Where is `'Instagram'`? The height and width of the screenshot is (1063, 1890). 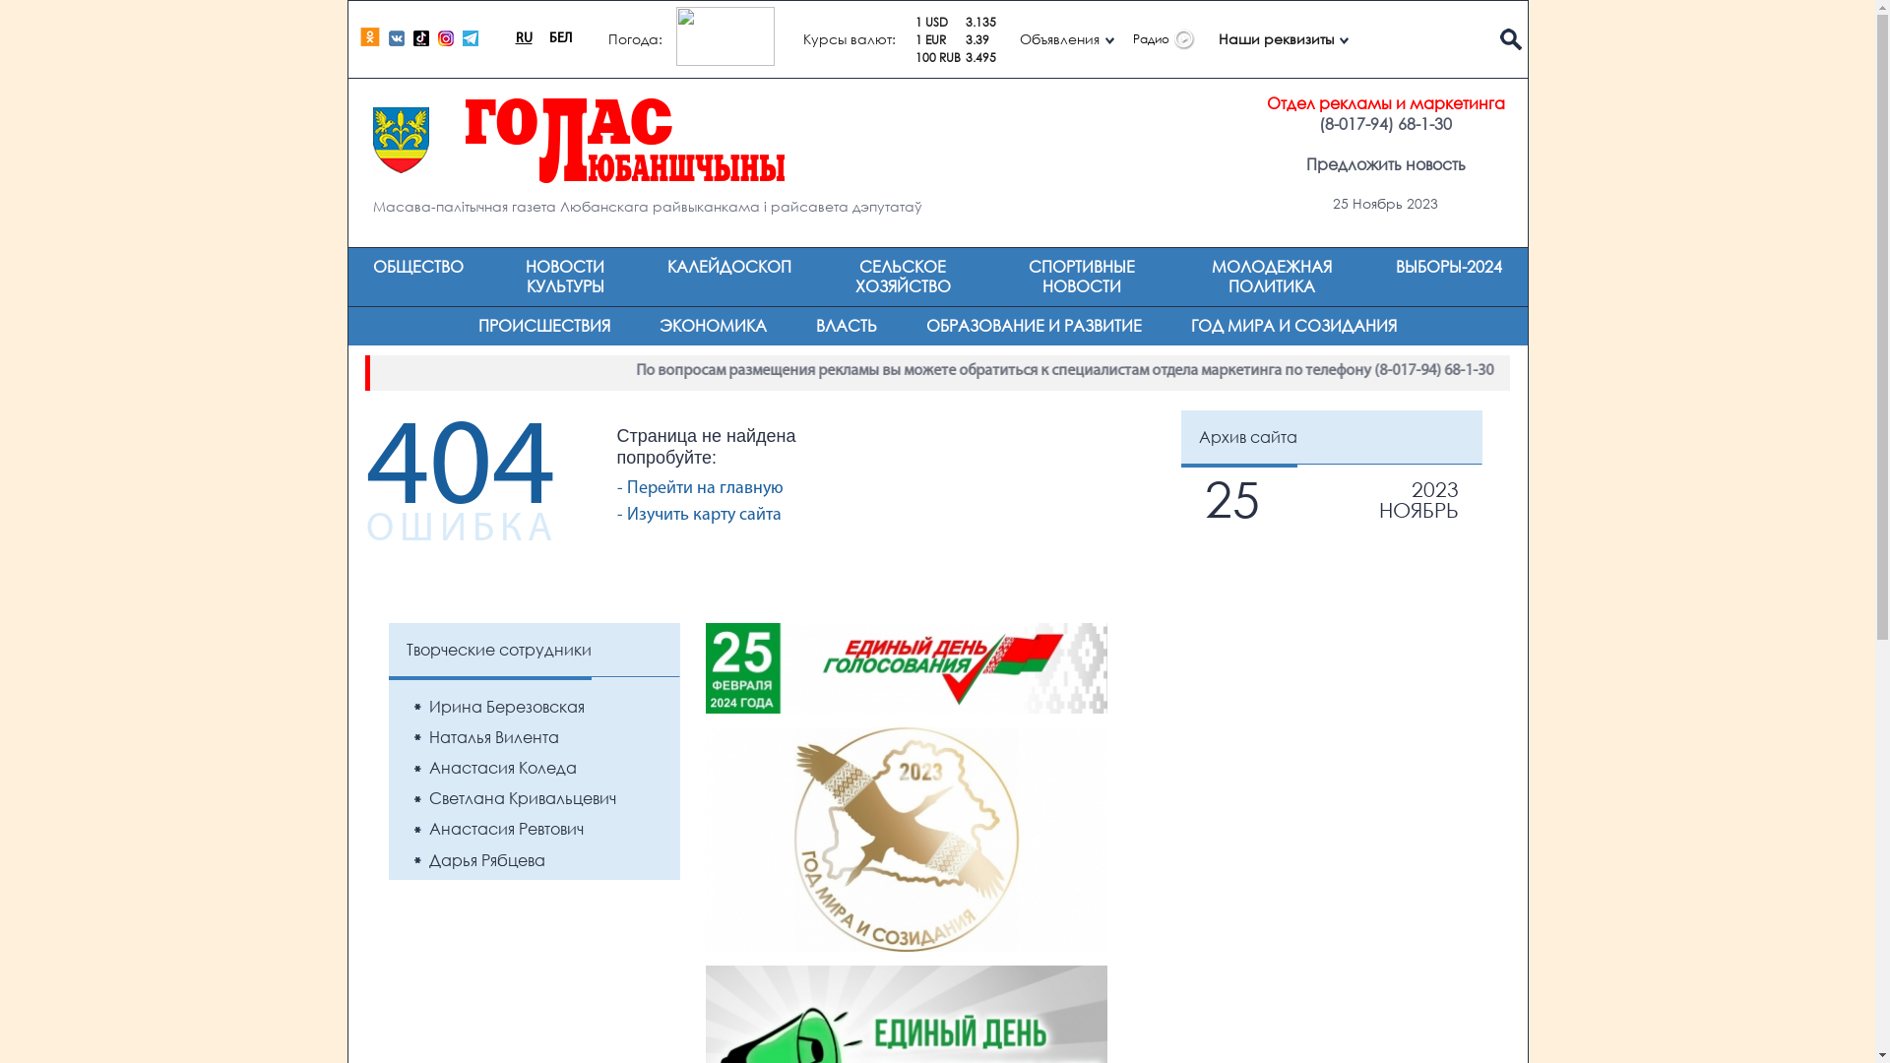
'Instagram' is located at coordinates (448, 42).